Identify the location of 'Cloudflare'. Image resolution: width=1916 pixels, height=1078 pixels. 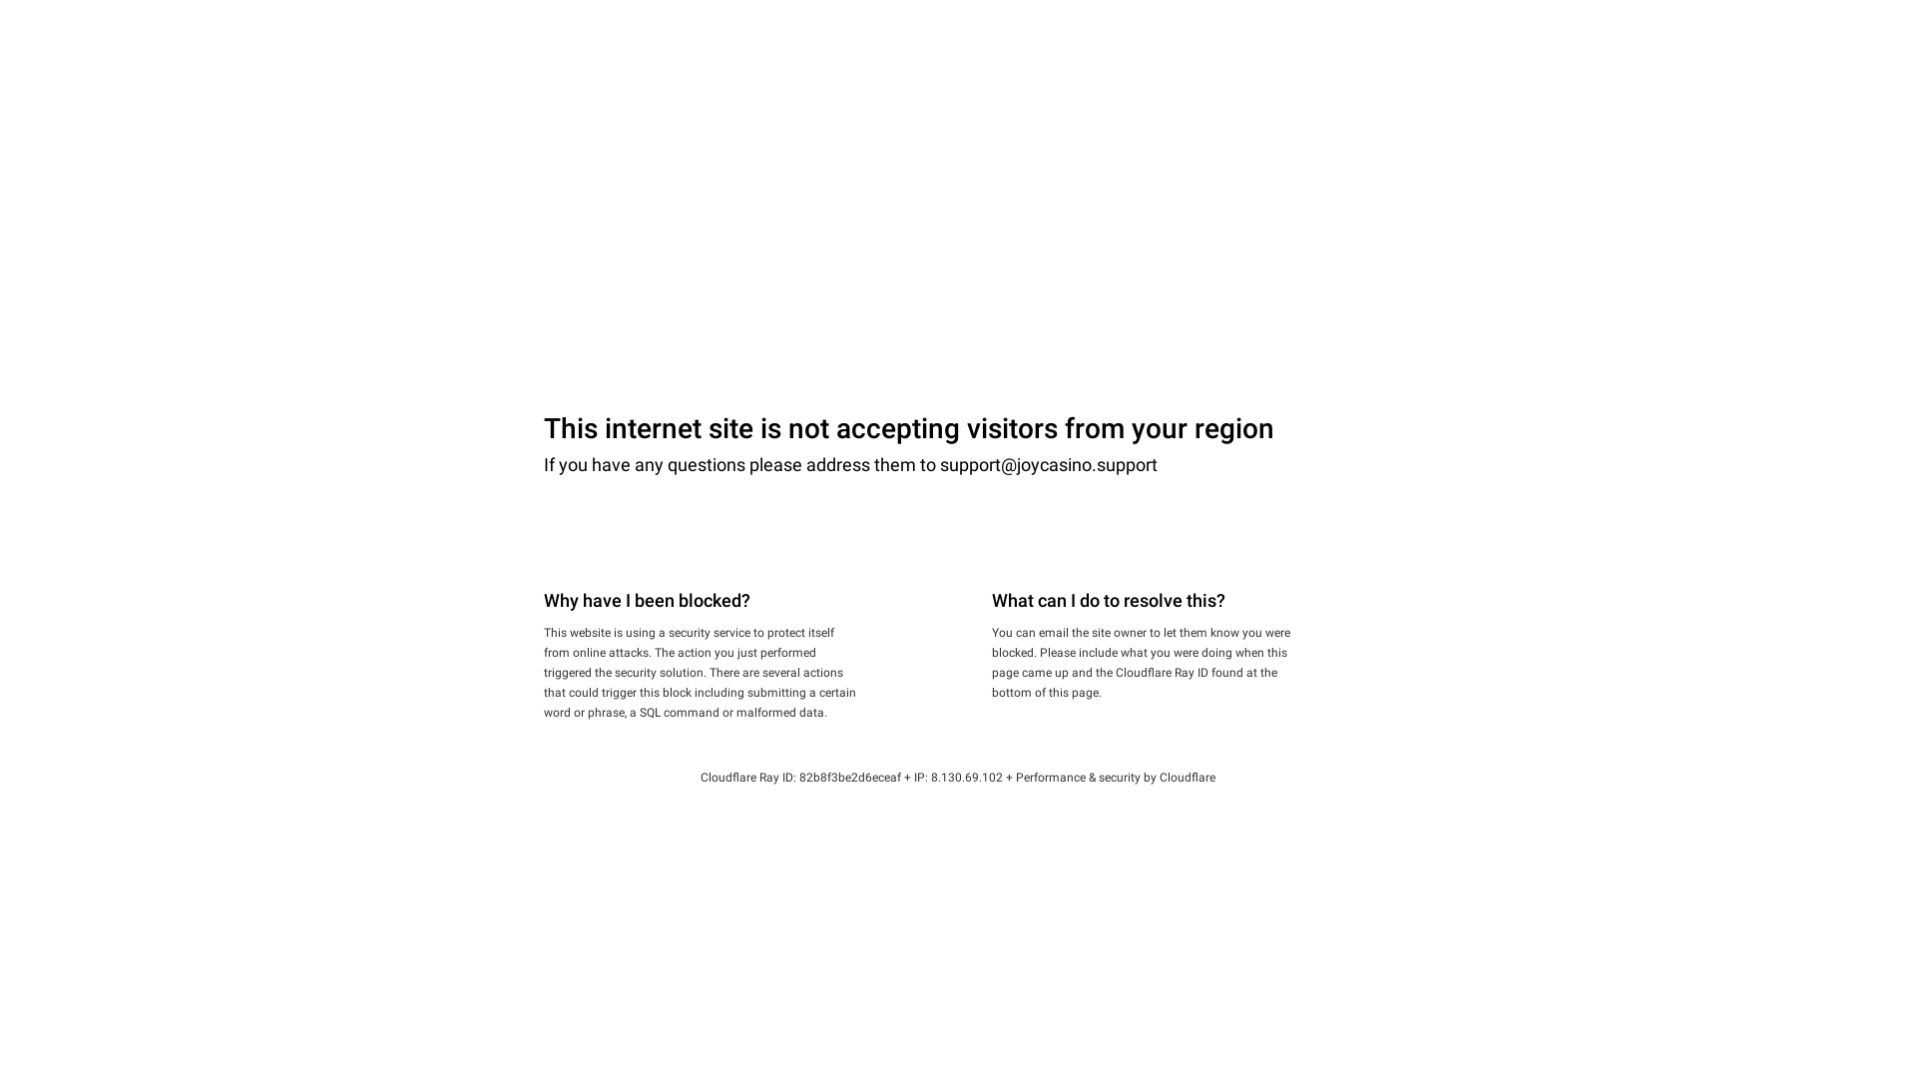
(1159, 777).